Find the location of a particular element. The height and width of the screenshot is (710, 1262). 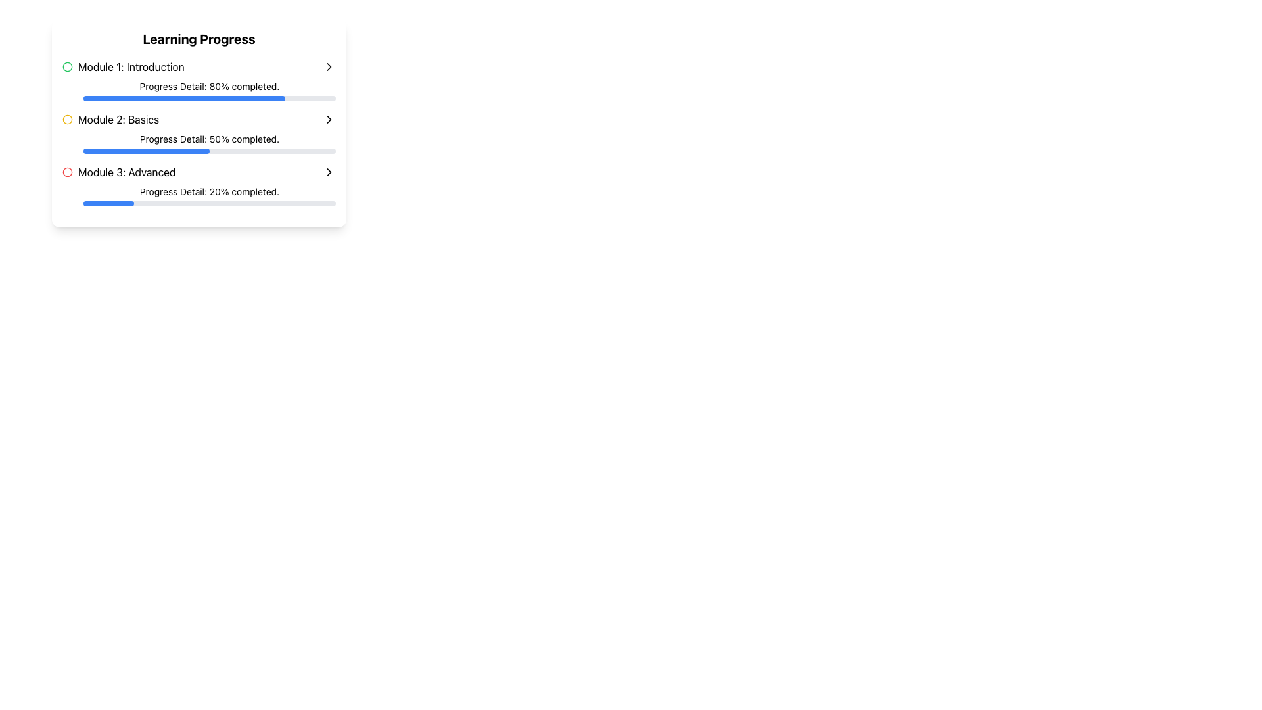

the progress bar representing 'Module 3: Advanced', which visually indicates a completion percentage of 20%, located below the text 'Progress Detail: 20% completed.' is located at coordinates (208, 203).